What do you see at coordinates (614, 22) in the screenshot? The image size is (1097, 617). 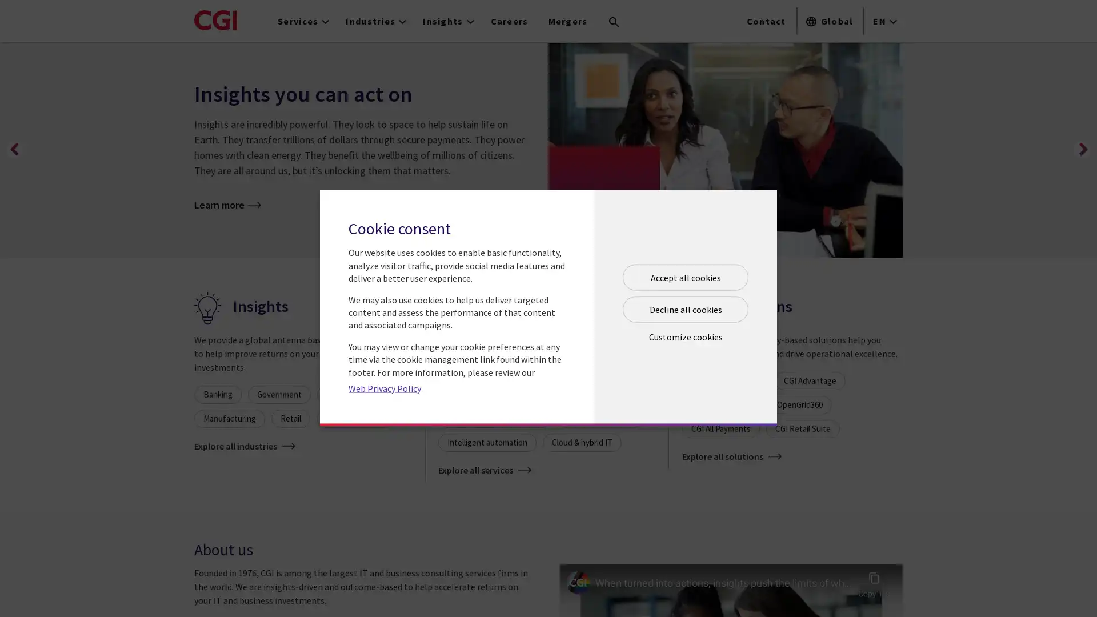 I see `Search terms` at bounding box center [614, 22].